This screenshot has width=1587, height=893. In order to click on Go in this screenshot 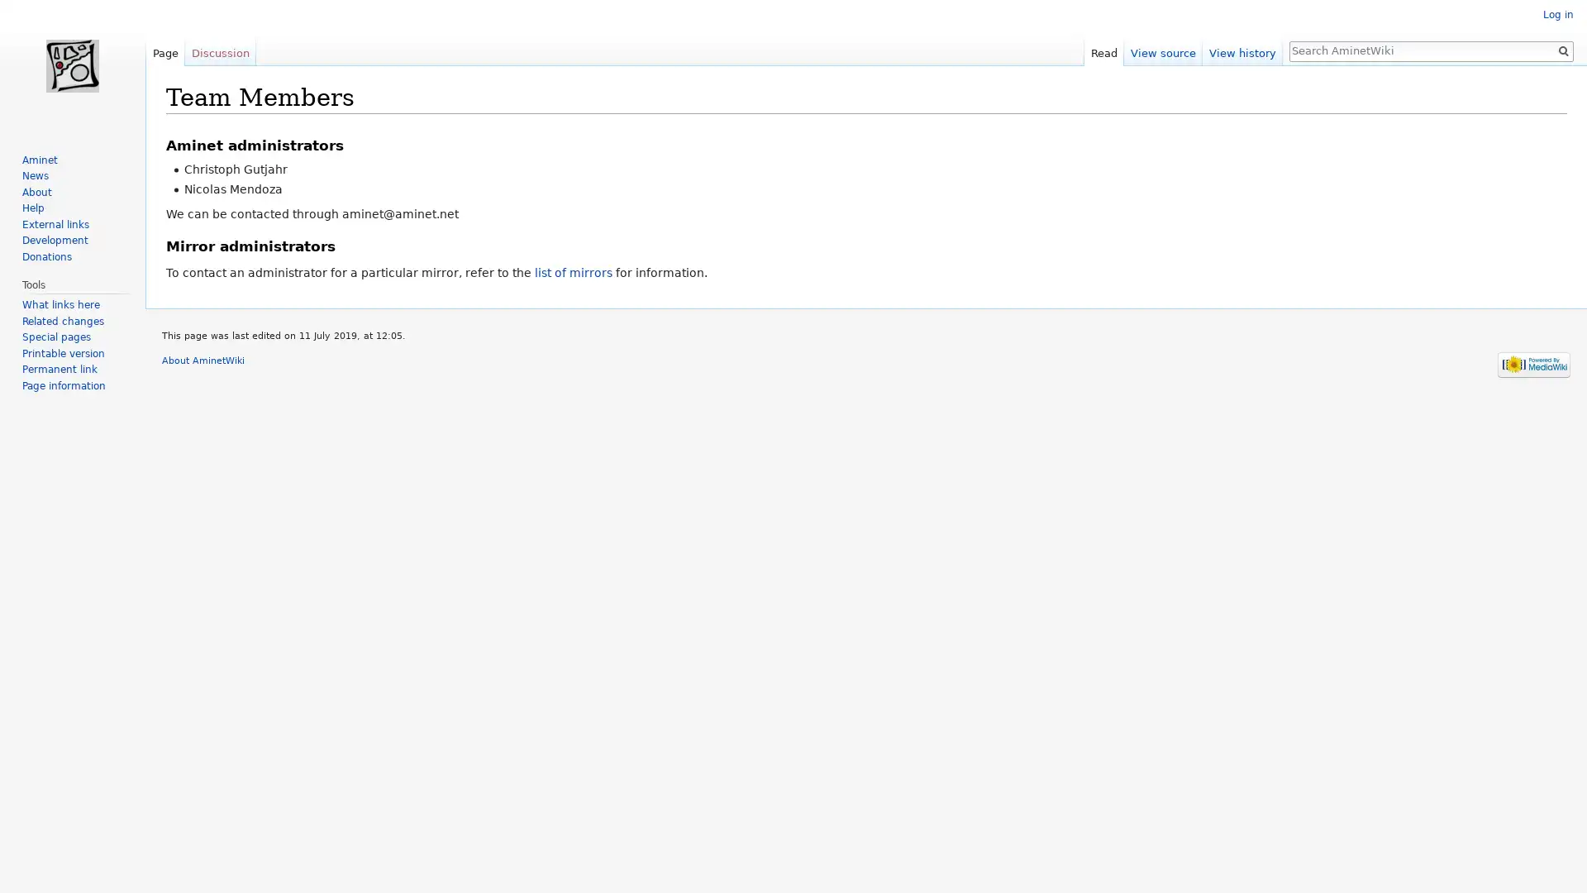, I will do `click(1562, 50)`.